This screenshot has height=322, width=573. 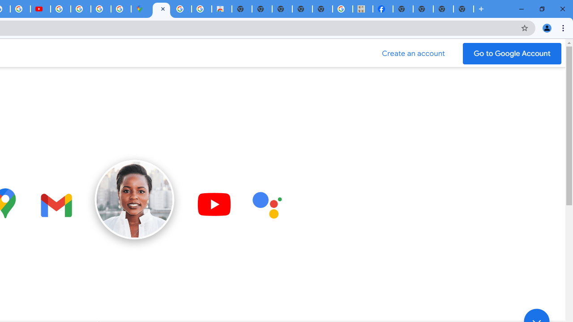 What do you see at coordinates (524, 27) in the screenshot?
I see `'Bookmark this tab'` at bounding box center [524, 27].